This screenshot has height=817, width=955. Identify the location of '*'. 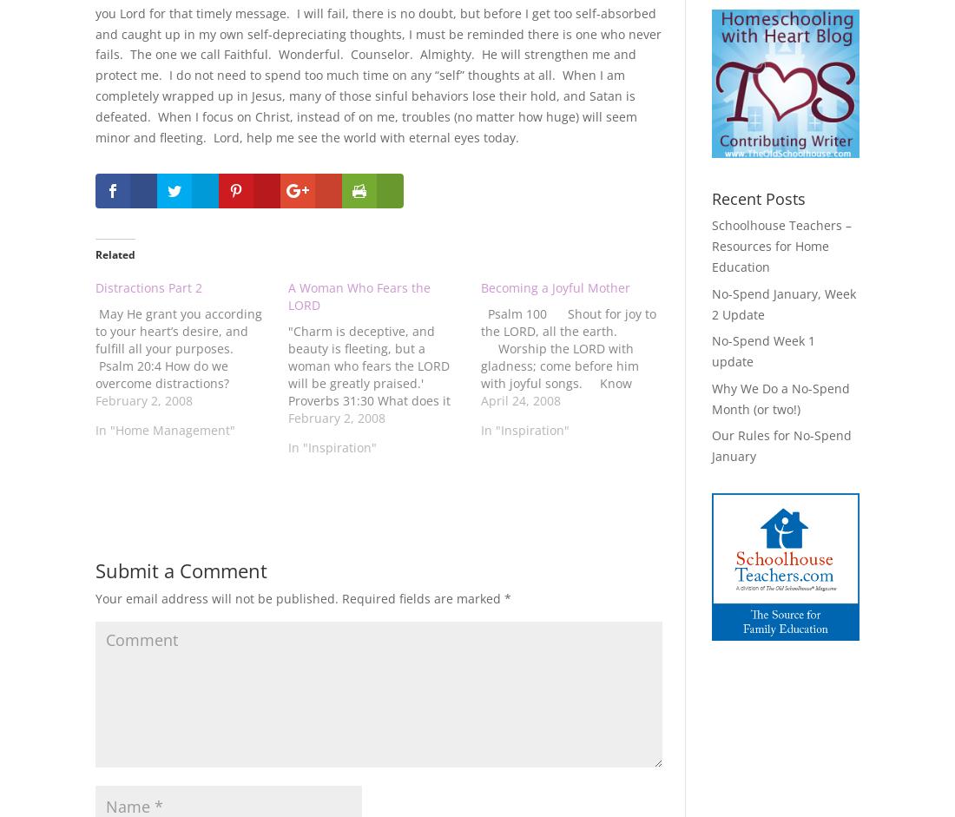
(506, 598).